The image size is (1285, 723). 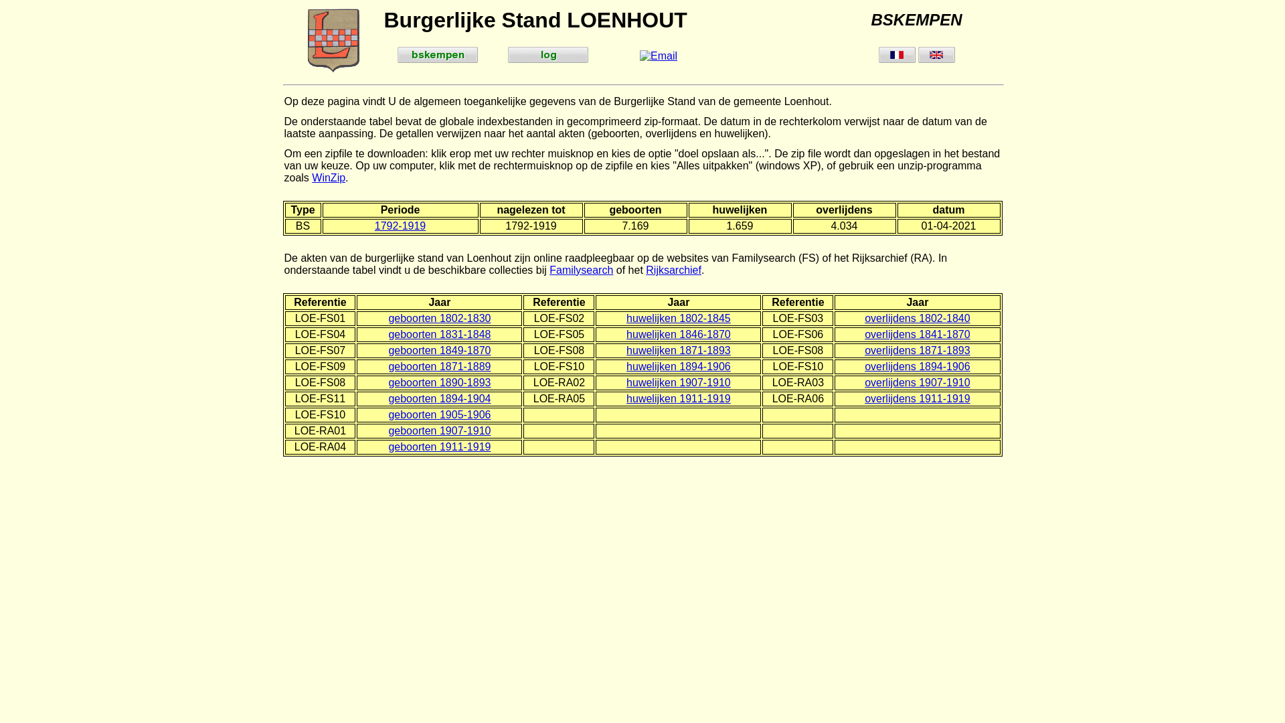 I want to click on 'WinZip', so click(x=328, y=177).